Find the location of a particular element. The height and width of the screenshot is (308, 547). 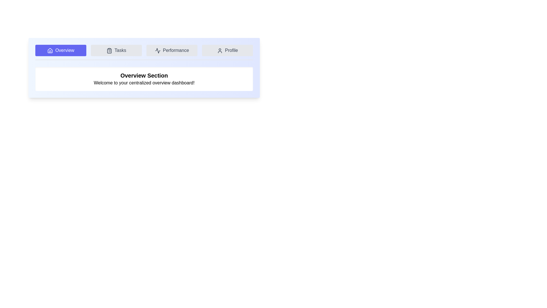

the SVG icon representing a waveform or activity graph located in the navigation bar, which is positioned third from the left and adjacent to the 'Performance' button is located at coordinates (158, 50).